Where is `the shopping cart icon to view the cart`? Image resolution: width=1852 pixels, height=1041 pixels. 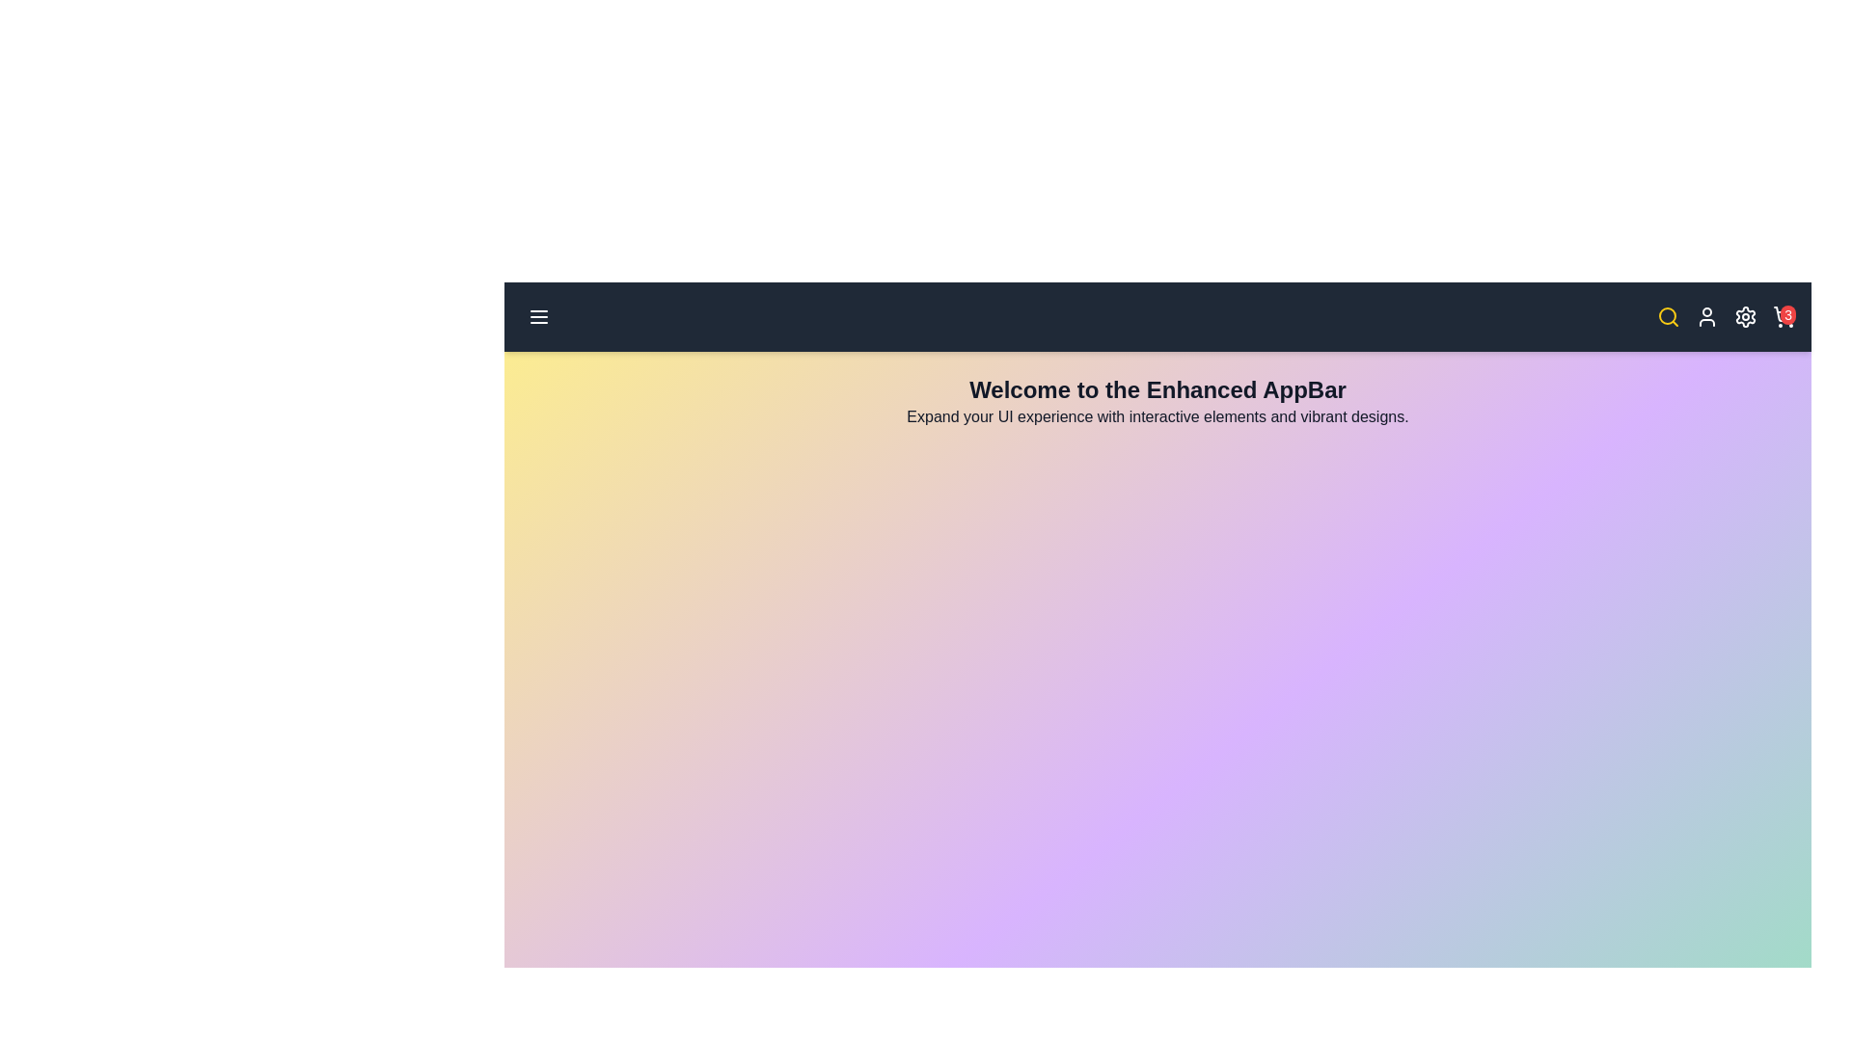 the shopping cart icon to view the cart is located at coordinates (1783, 315).